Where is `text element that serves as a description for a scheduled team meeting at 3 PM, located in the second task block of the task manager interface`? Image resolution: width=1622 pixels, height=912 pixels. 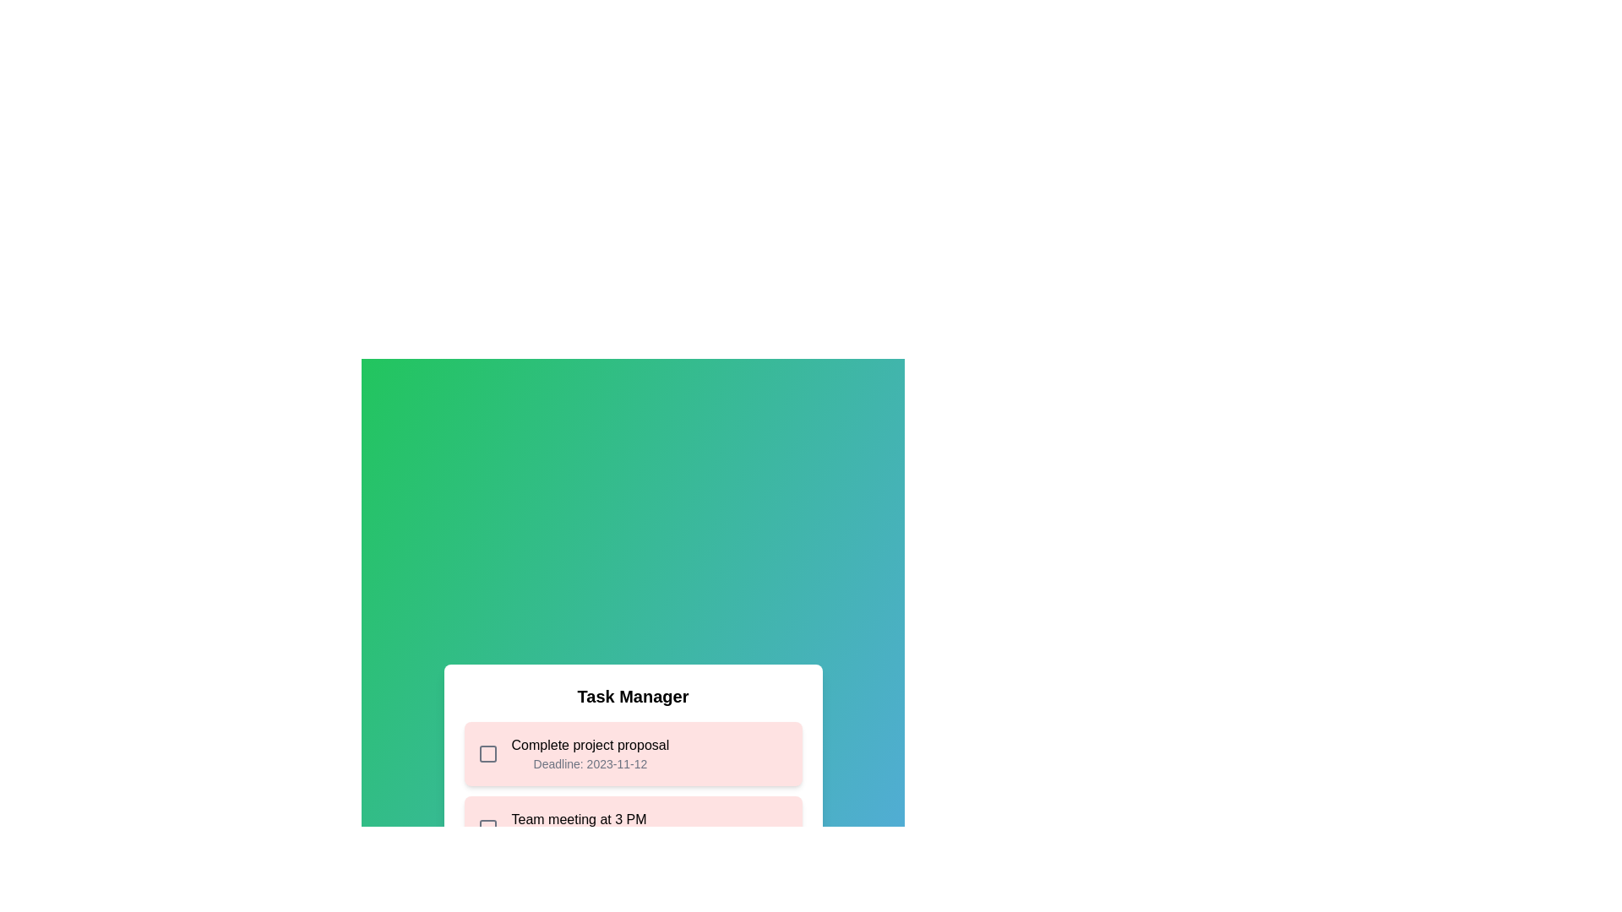
text element that serves as a description for a scheduled team meeting at 3 PM, located in the second task block of the task manager interface is located at coordinates (579, 819).